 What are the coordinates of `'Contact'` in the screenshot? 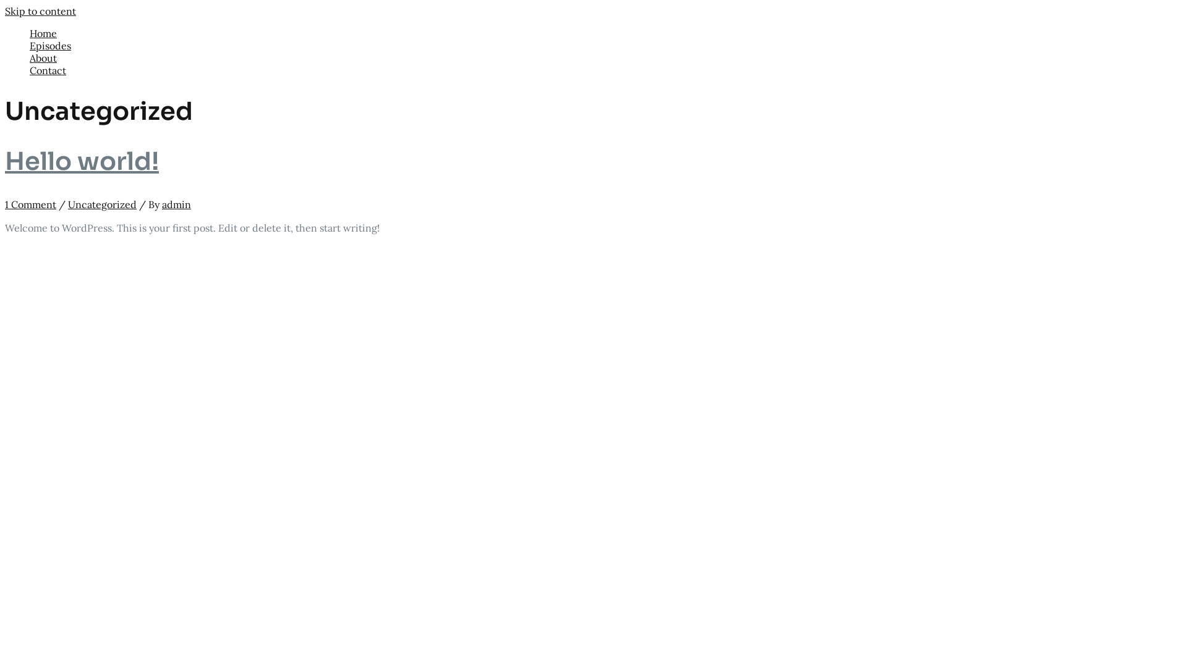 It's located at (605, 70).